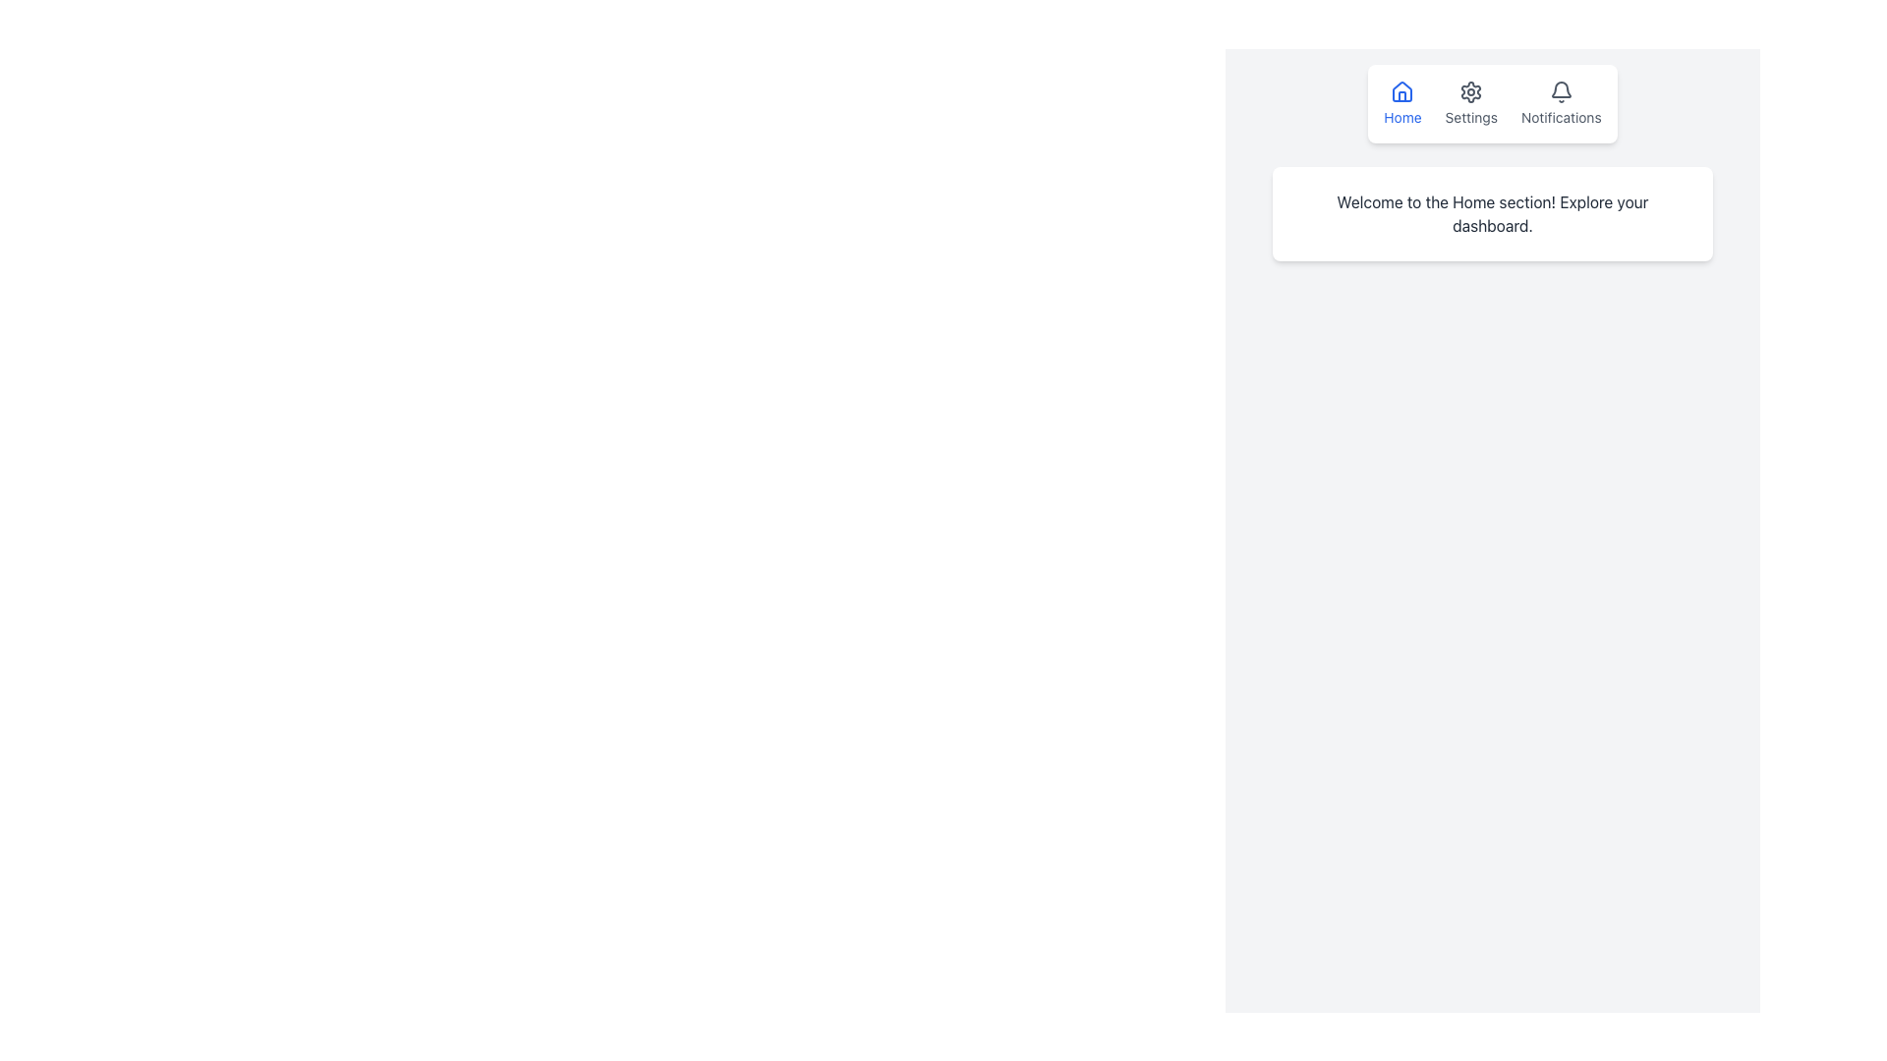  What do you see at coordinates (1471, 117) in the screenshot?
I see `displayed text of the 'Settings' label, which is a small gray font text located below the gear icon in the interface` at bounding box center [1471, 117].